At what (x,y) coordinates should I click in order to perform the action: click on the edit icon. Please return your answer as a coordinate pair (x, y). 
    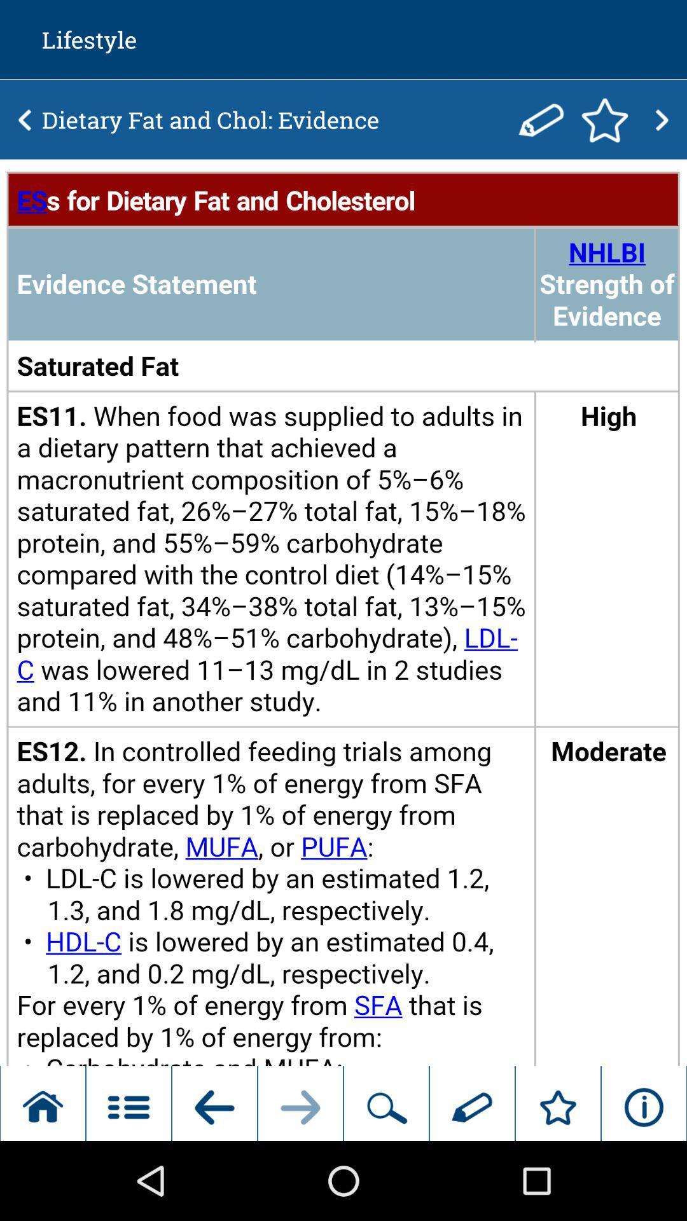
    Looking at the image, I should click on (541, 128).